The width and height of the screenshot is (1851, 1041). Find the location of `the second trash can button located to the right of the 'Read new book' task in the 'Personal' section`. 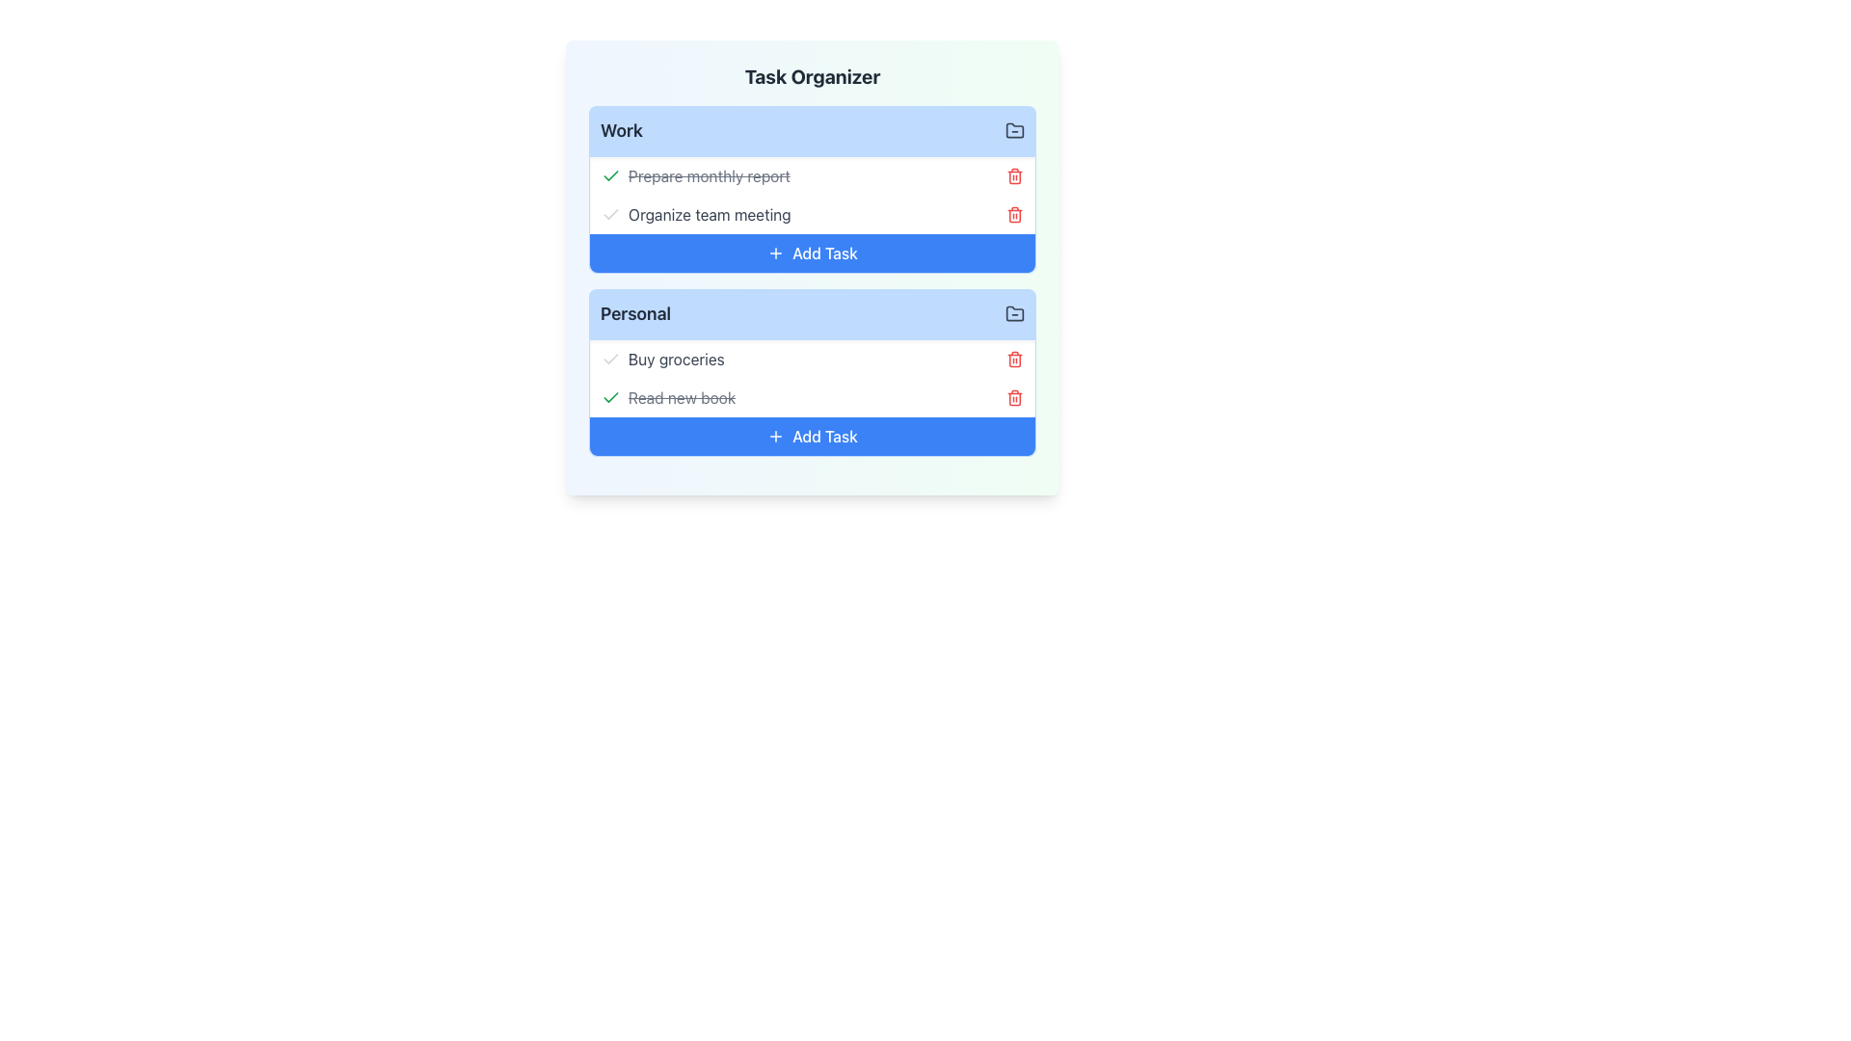

the second trash can button located to the right of the 'Read new book' task in the 'Personal' section is located at coordinates (1013, 396).